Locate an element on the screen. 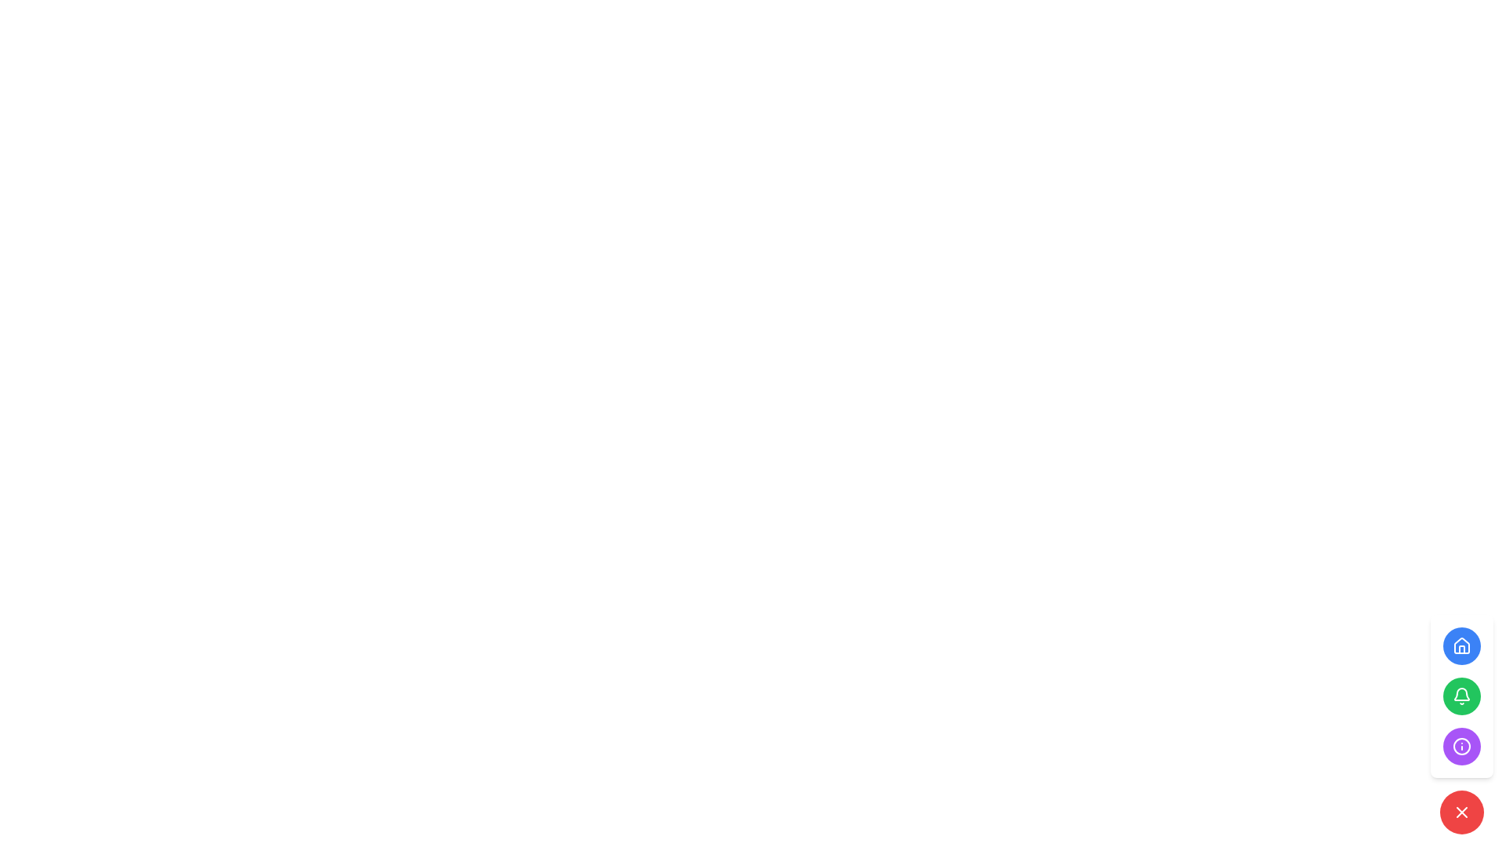  the house icon located within the blue circular button at the top of the vertically stacked buttons on the far-right side of the interface is located at coordinates (1461, 646).